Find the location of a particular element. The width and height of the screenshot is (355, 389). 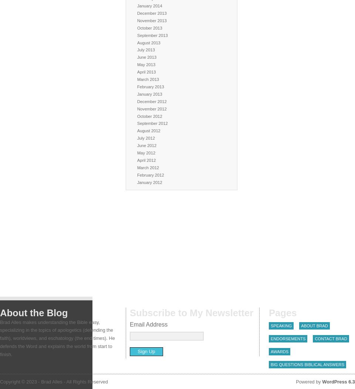

'October 2013' is located at coordinates (149, 27).